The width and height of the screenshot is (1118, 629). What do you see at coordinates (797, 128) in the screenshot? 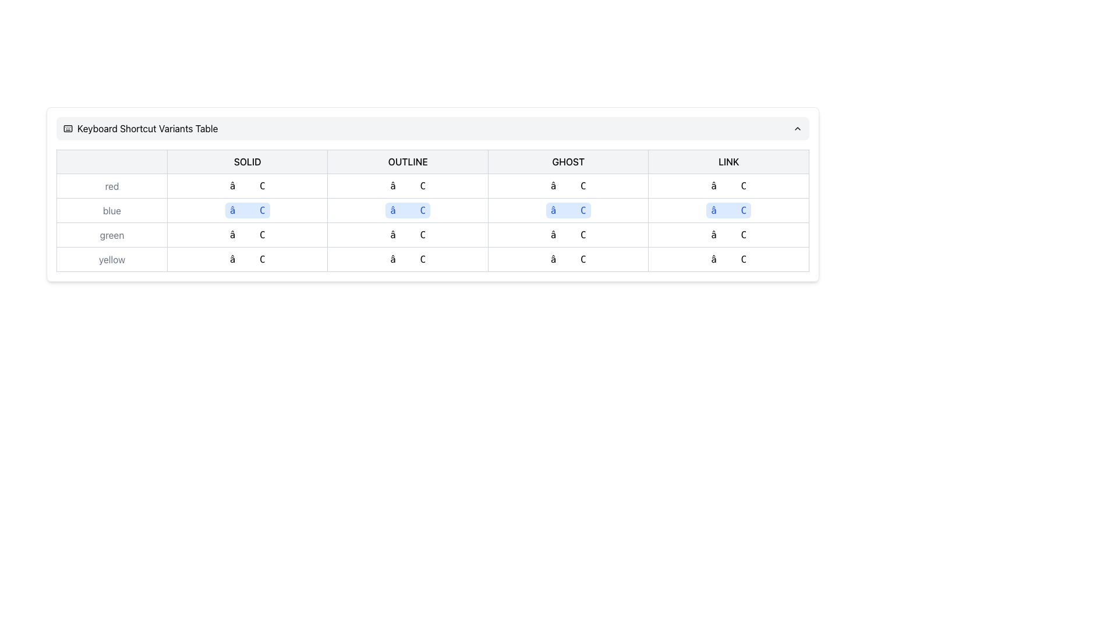
I see `the Chevron-Up icon located at the upper-right corner of the 'Keyboard Shortcut Variants Table'` at bounding box center [797, 128].